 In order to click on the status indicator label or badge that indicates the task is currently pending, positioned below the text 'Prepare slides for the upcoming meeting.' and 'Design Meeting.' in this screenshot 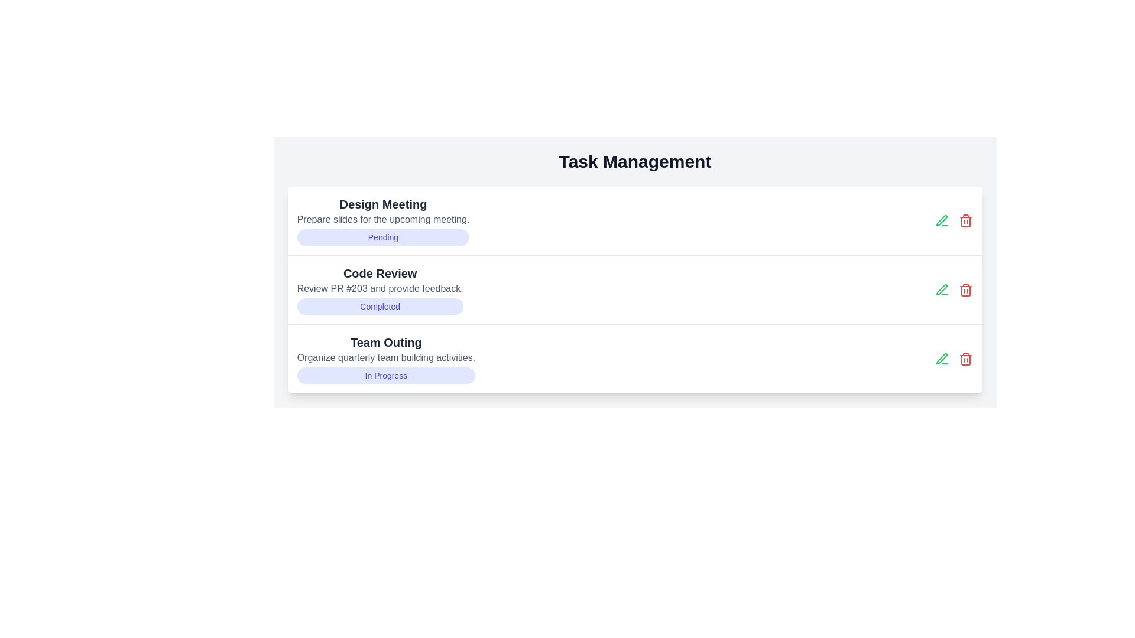, I will do `click(383, 237)`.